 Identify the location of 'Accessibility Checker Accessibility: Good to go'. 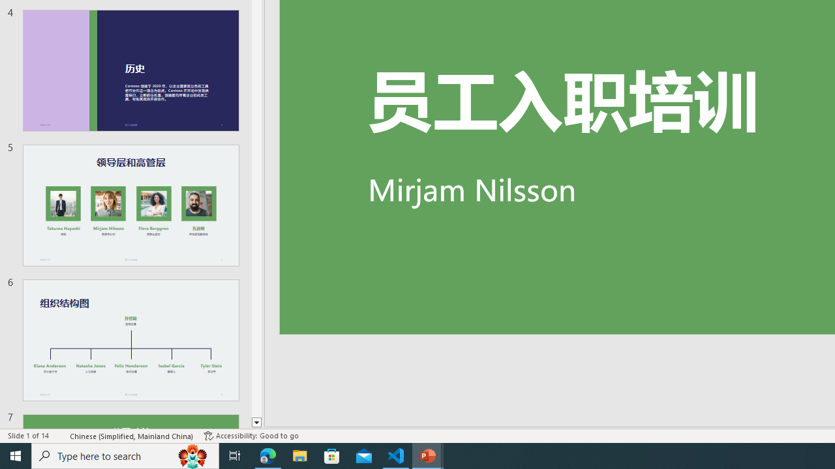
(251, 436).